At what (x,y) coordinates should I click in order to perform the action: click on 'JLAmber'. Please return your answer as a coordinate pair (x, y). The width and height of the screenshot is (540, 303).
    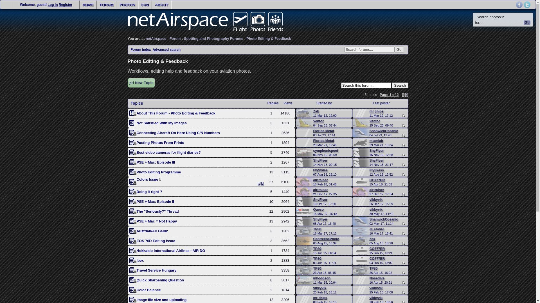
    Looking at the image, I should click on (377, 229).